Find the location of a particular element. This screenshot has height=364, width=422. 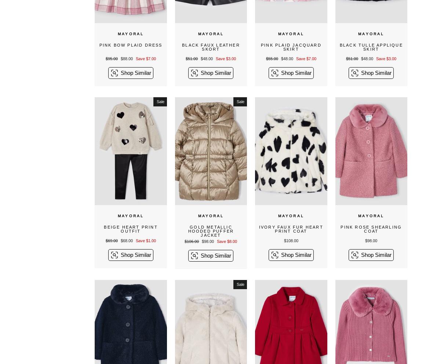

'$88.00' is located at coordinates (127, 58).